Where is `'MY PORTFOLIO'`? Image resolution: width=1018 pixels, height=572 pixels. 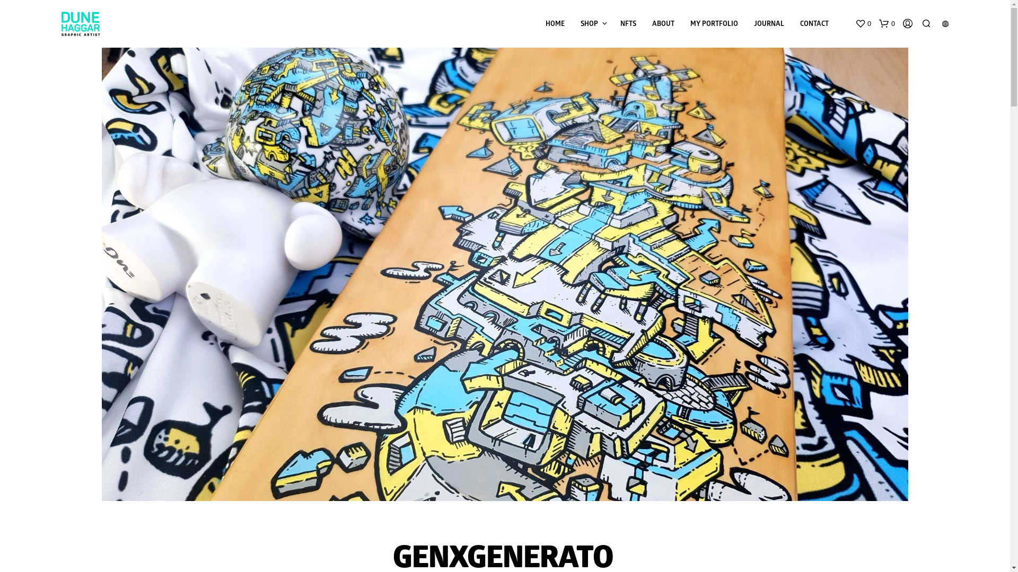 'MY PORTFOLIO' is located at coordinates (682, 24).